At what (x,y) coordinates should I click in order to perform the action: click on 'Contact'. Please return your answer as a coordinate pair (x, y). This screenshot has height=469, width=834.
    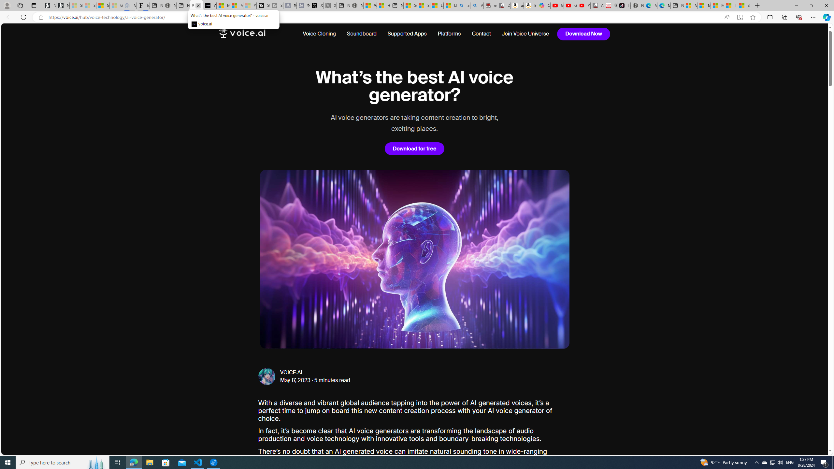
    Looking at the image, I should click on (481, 34).